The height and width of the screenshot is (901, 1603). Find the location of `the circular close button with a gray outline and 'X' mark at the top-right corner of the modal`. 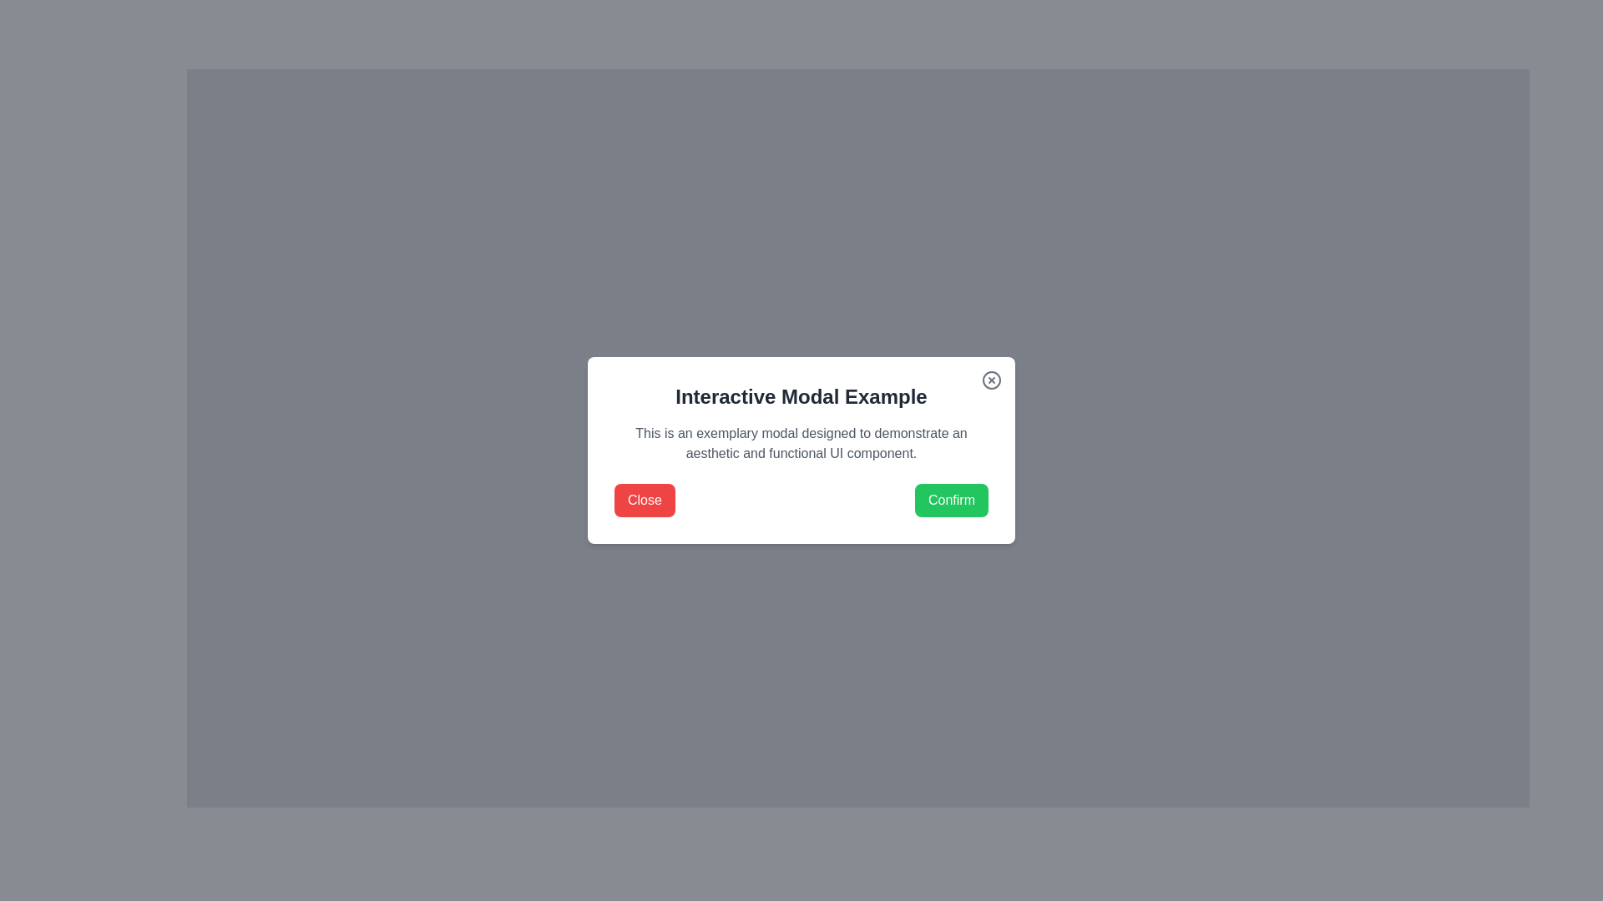

the circular close button with a gray outline and 'X' mark at the top-right corner of the modal is located at coordinates (992, 380).